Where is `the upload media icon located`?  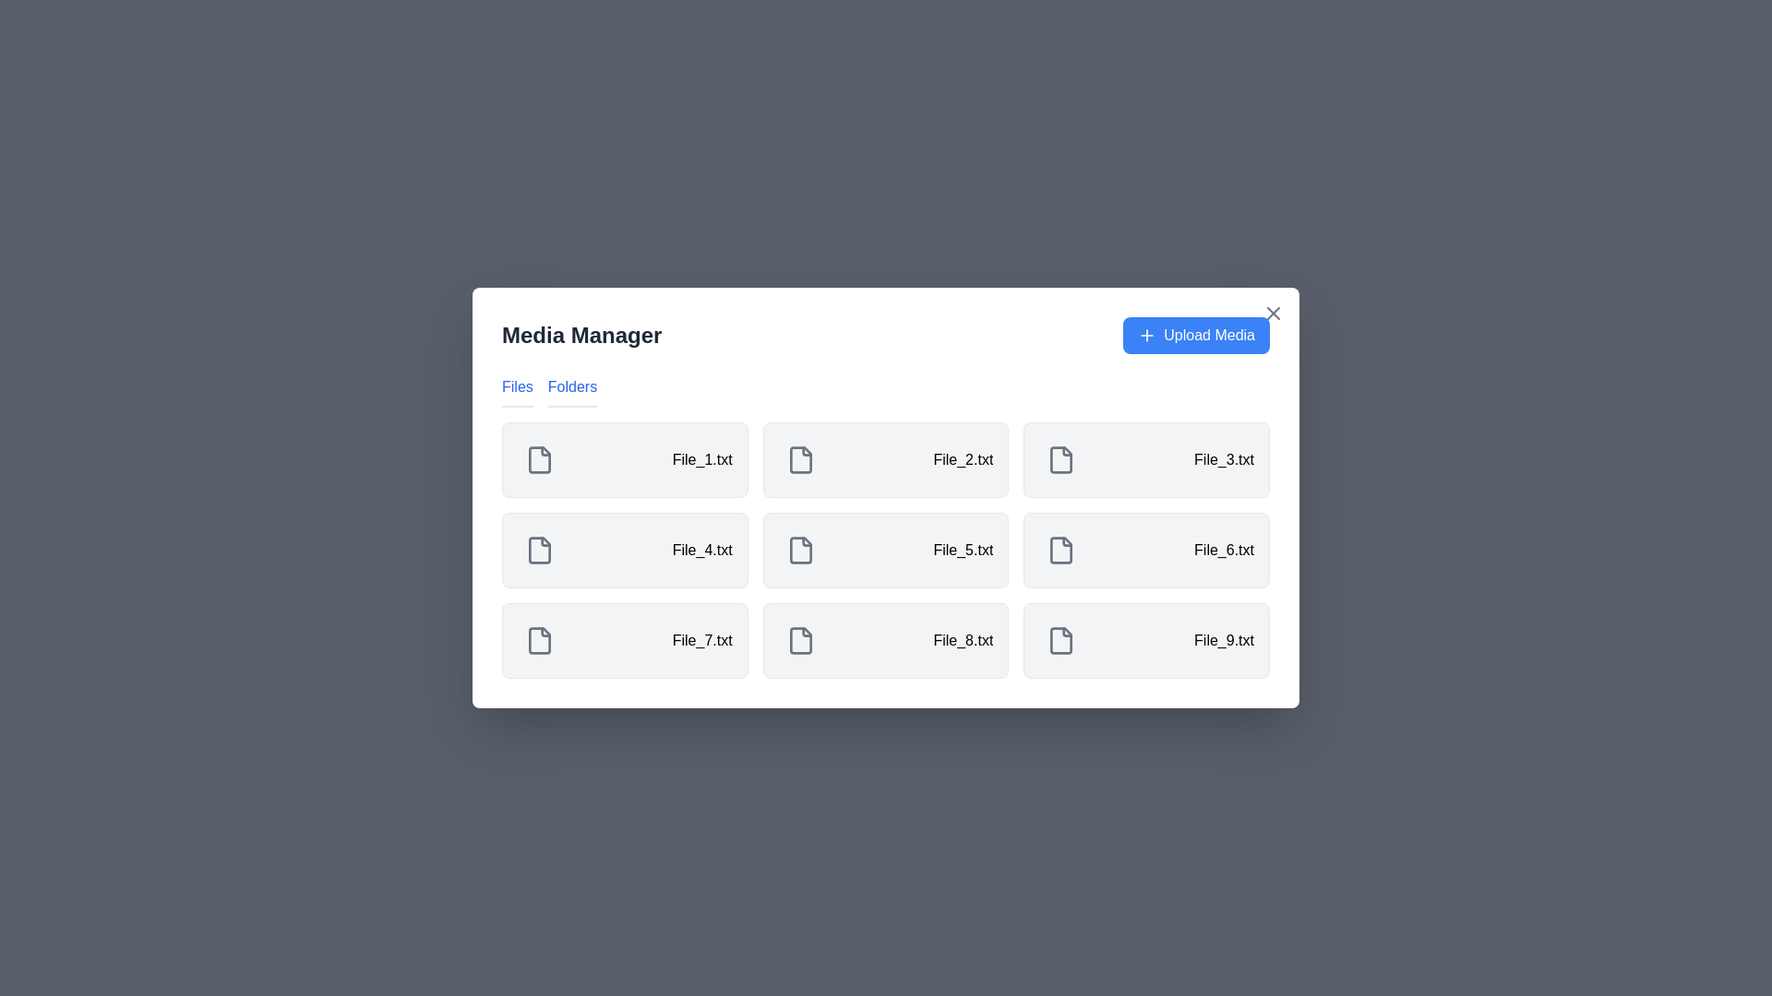 the upload media icon located is located at coordinates (1146, 335).